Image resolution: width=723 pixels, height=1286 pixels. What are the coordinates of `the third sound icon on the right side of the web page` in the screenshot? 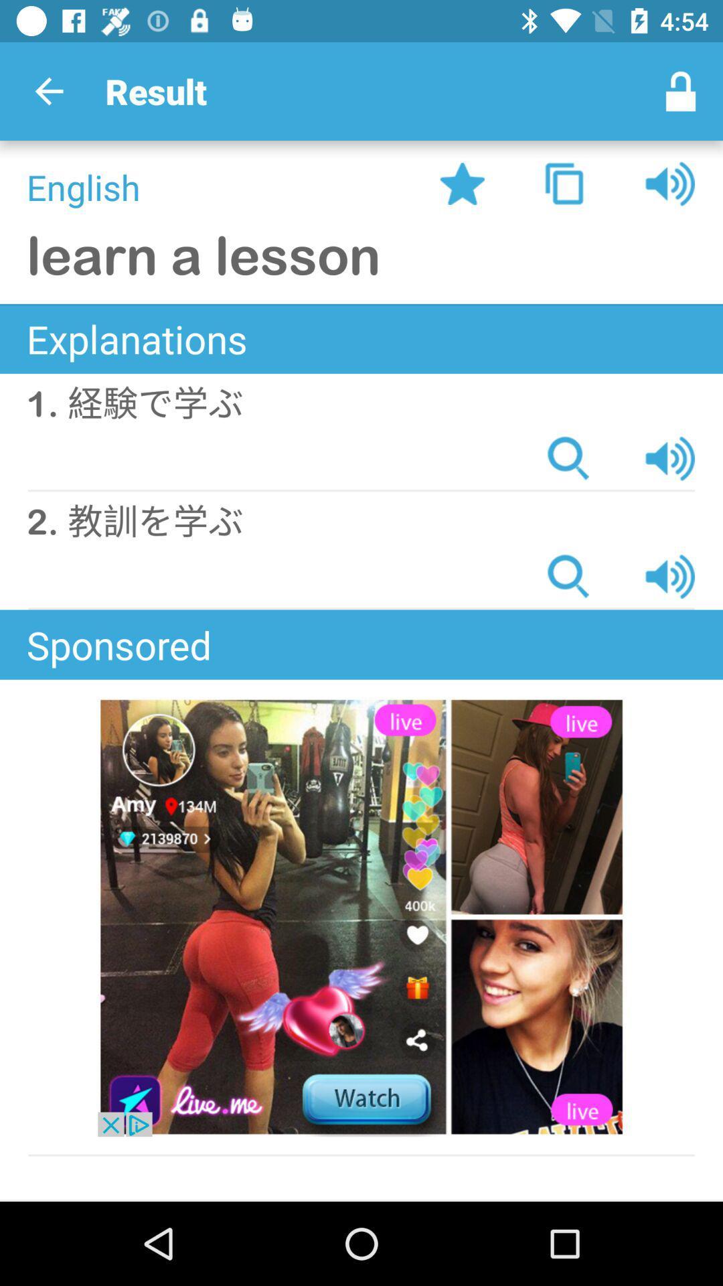 It's located at (670, 576).